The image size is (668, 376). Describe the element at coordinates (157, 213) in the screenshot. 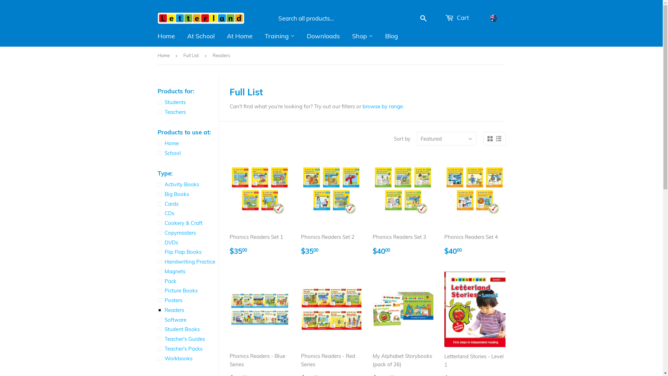

I see `'CDs'` at that location.